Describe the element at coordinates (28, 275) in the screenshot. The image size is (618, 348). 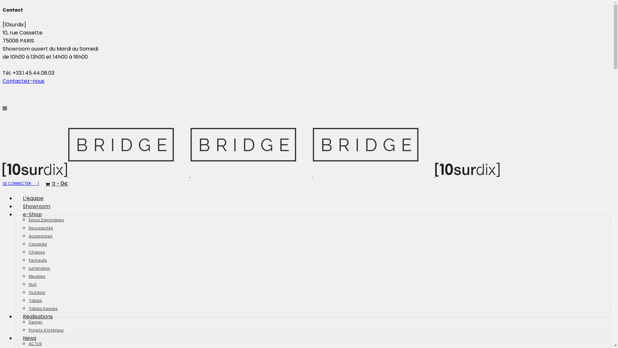
I see `'Meubles'` at that location.